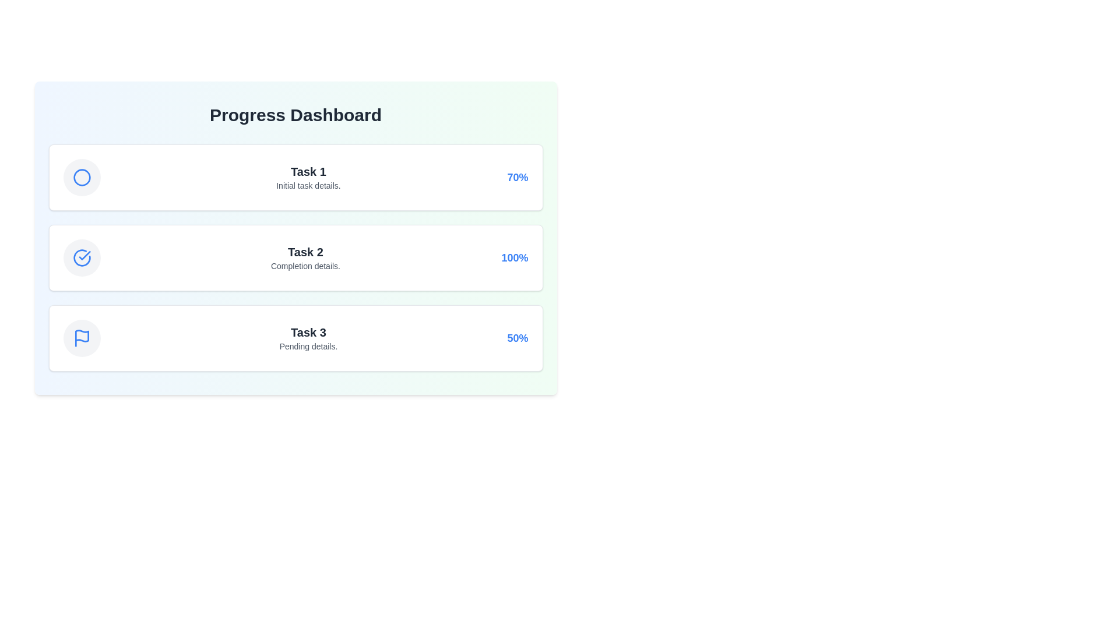  I want to click on a task card in the structured list component under the 'Progress Dashboard' heading, so click(295, 257).